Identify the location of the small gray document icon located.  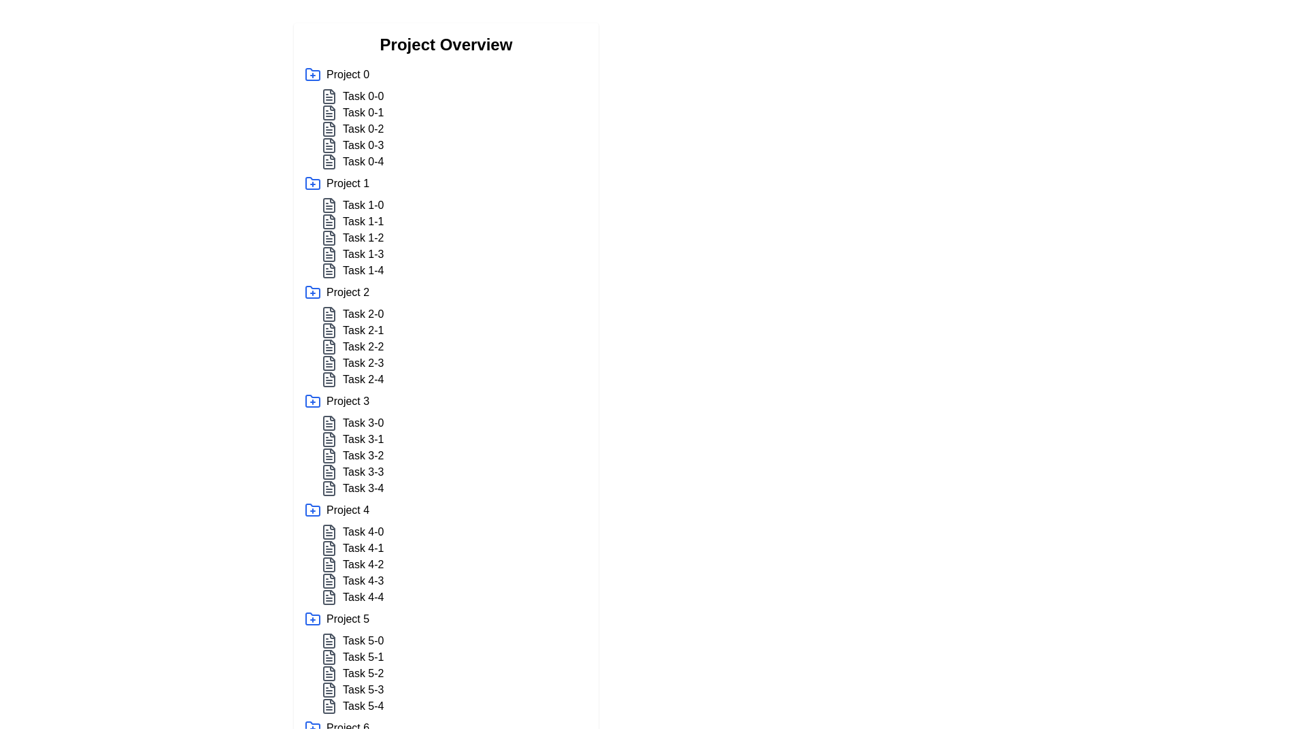
(329, 270).